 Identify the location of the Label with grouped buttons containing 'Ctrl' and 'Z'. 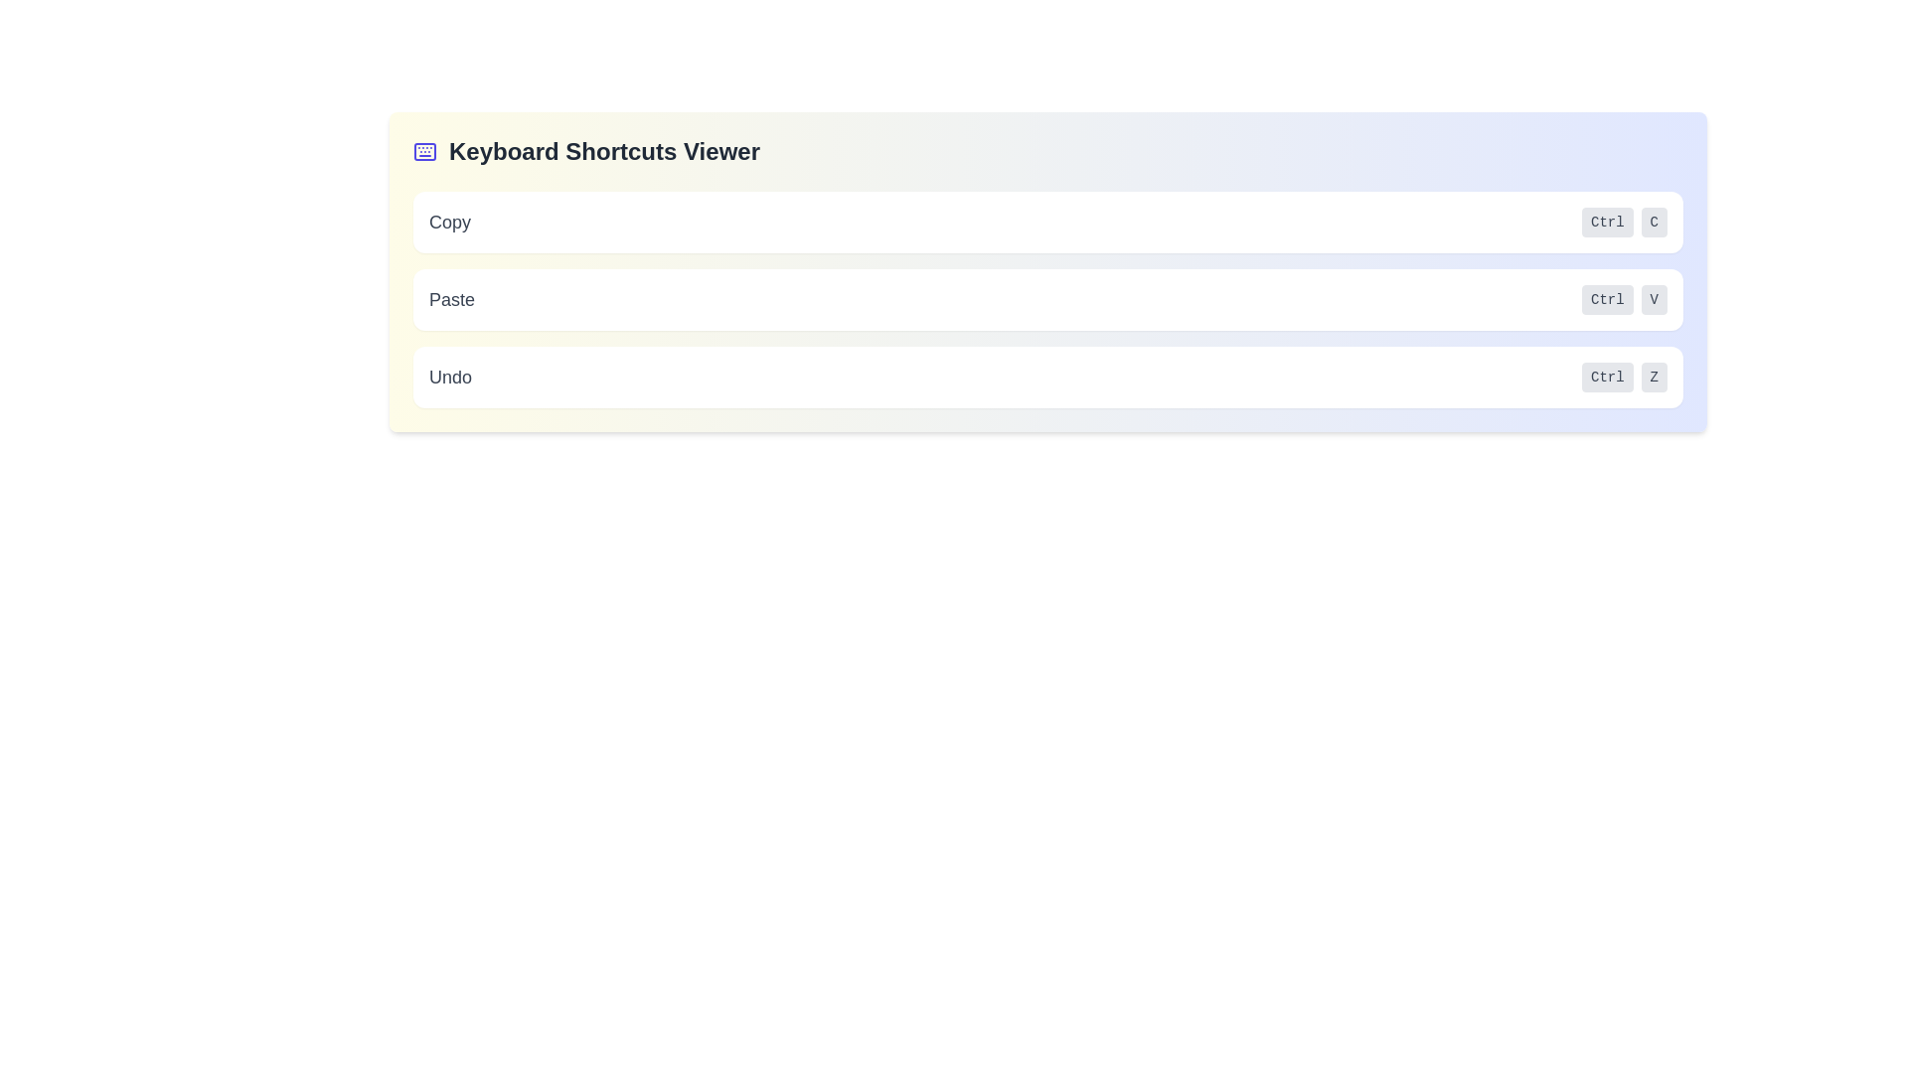
(1625, 378).